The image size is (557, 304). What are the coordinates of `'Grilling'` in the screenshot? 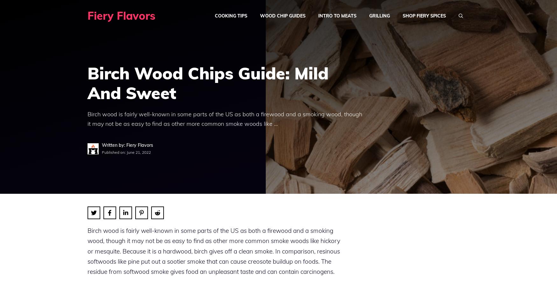 It's located at (379, 15).